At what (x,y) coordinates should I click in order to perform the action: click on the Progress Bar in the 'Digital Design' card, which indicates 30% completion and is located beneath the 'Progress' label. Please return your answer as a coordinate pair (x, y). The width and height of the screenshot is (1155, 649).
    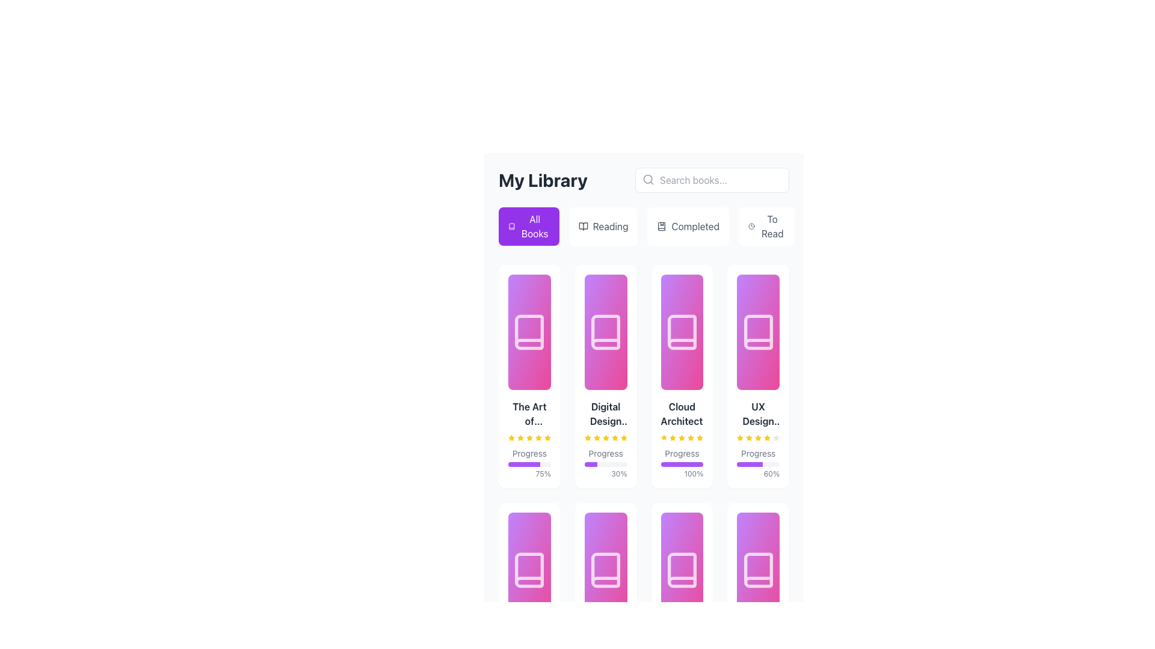
    Looking at the image, I should click on (606, 463).